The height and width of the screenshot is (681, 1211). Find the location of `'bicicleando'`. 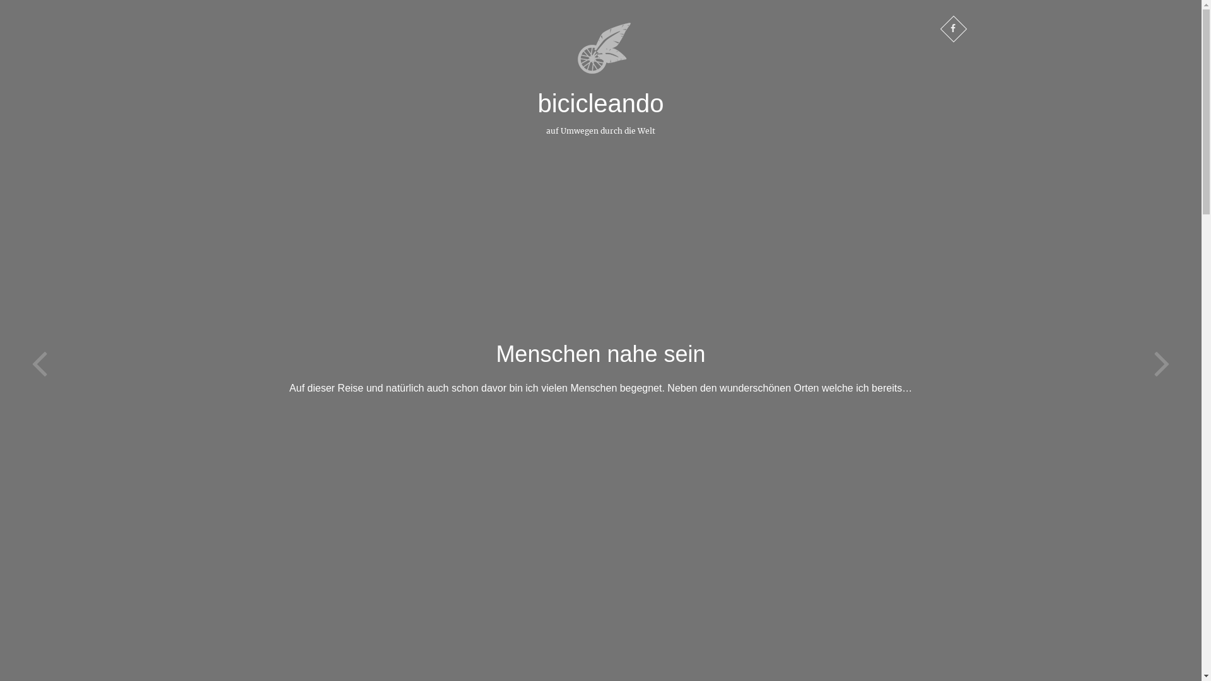

'bicicleando' is located at coordinates (599, 103).